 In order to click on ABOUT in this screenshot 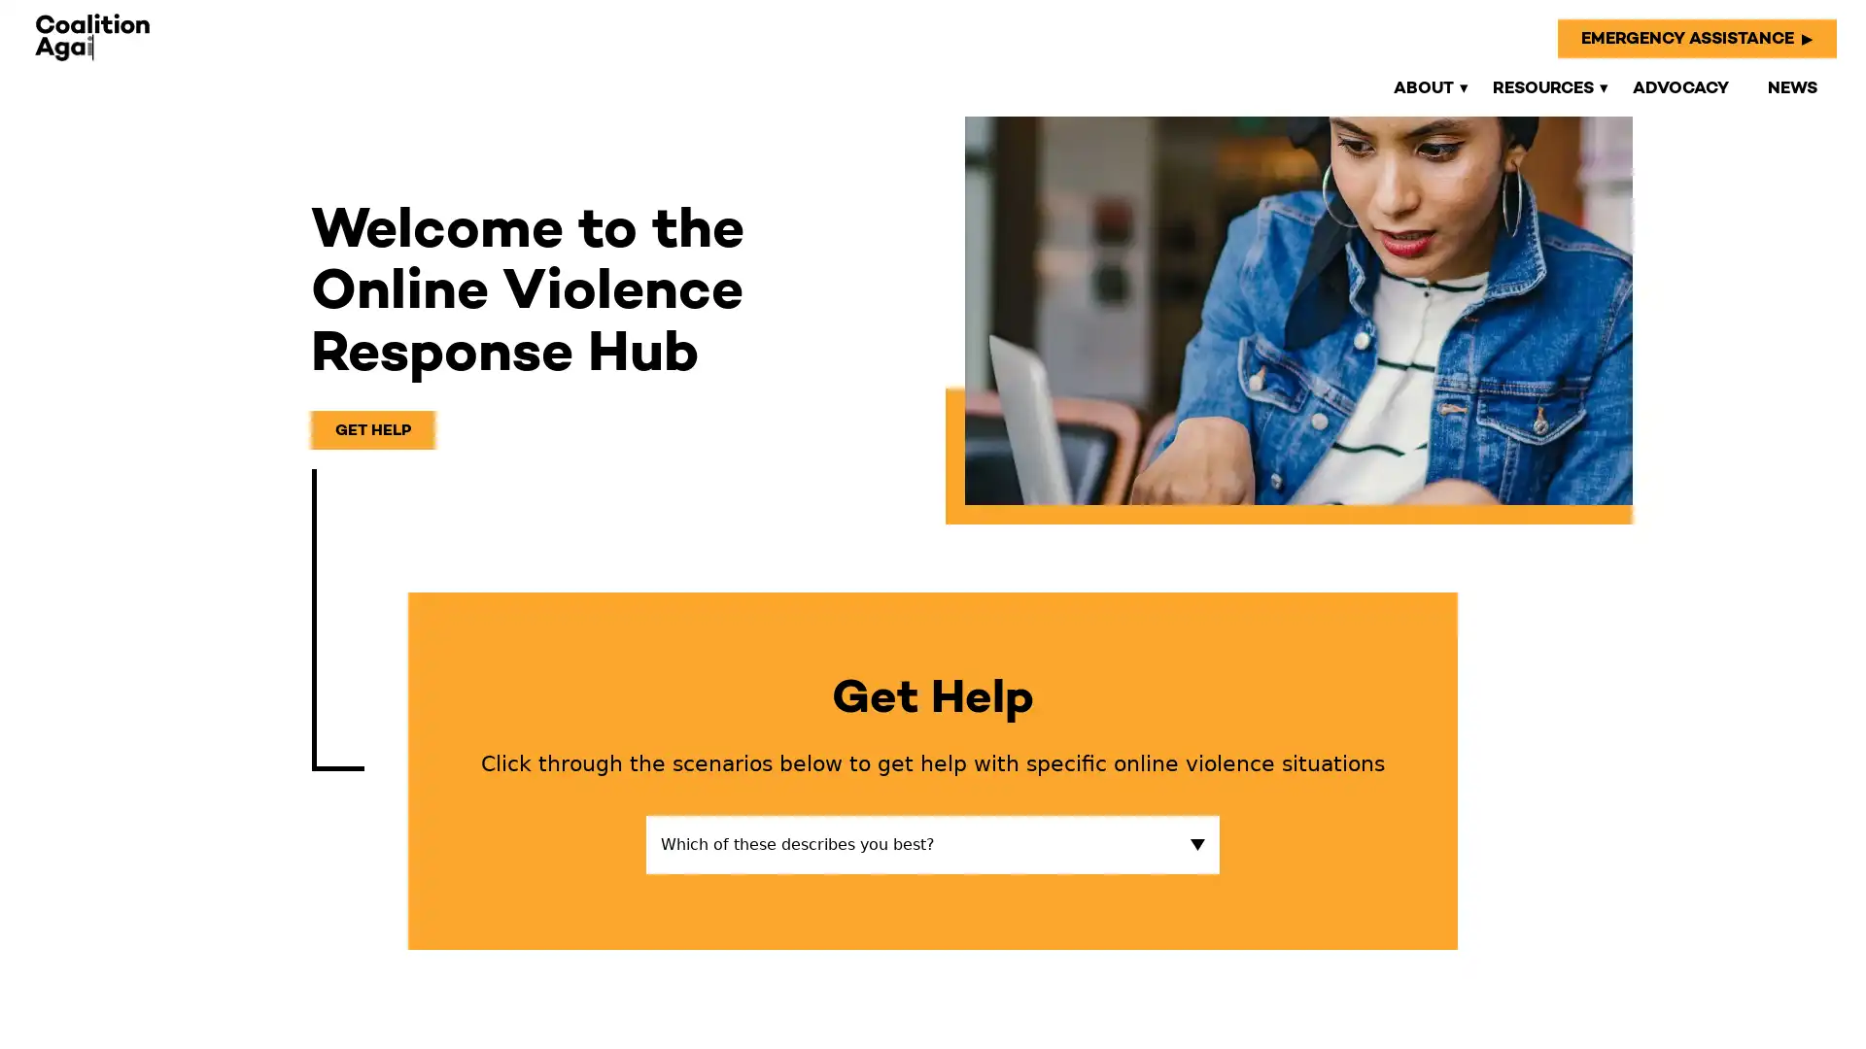, I will do `click(1423, 85)`.